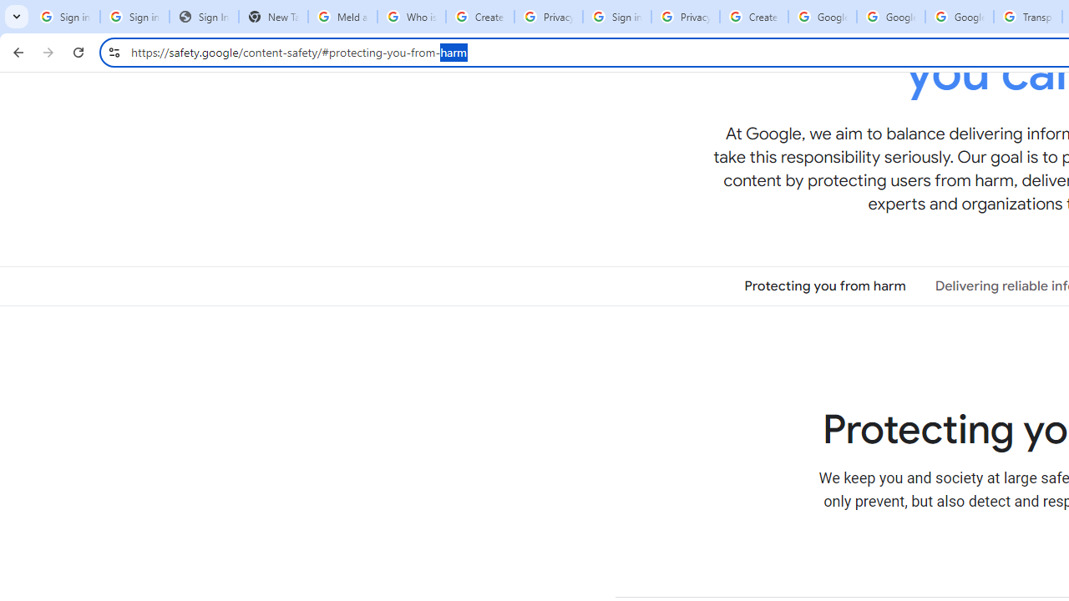 Image resolution: width=1069 pixels, height=601 pixels. What do you see at coordinates (273, 17) in the screenshot?
I see `'New Tab'` at bounding box center [273, 17].